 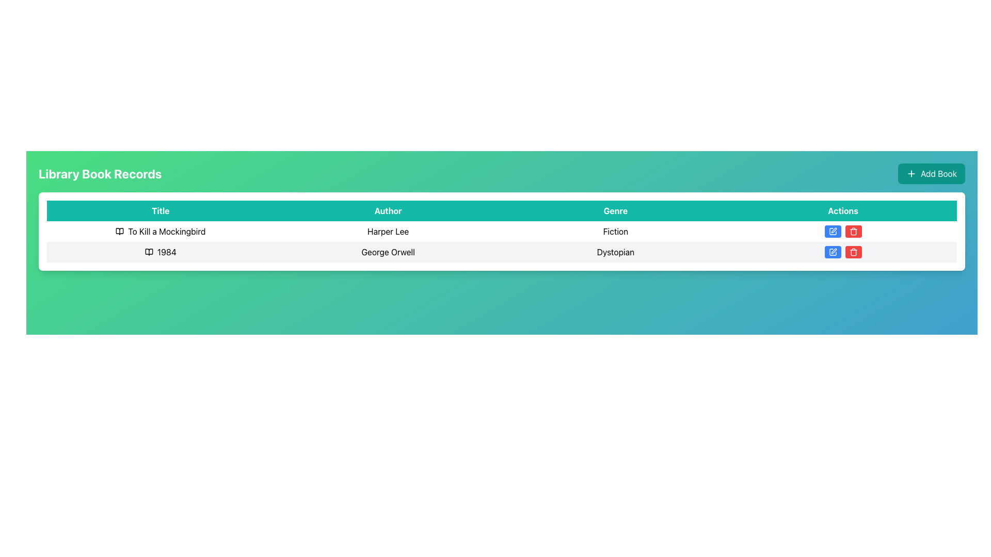 What do you see at coordinates (843, 210) in the screenshot?
I see `the teal-colored text label containing the bold white text 'Actions', which is located in the top-right quadrant of the header row as the fourth element next to 'Genre'` at bounding box center [843, 210].